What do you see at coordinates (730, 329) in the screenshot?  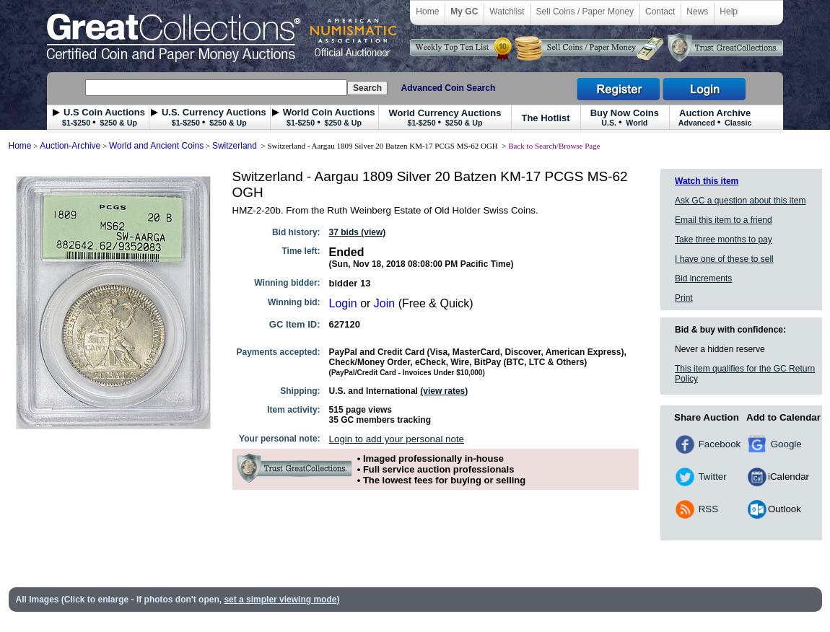 I see `'Bid & buy with confidence:'` at bounding box center [730, 329].